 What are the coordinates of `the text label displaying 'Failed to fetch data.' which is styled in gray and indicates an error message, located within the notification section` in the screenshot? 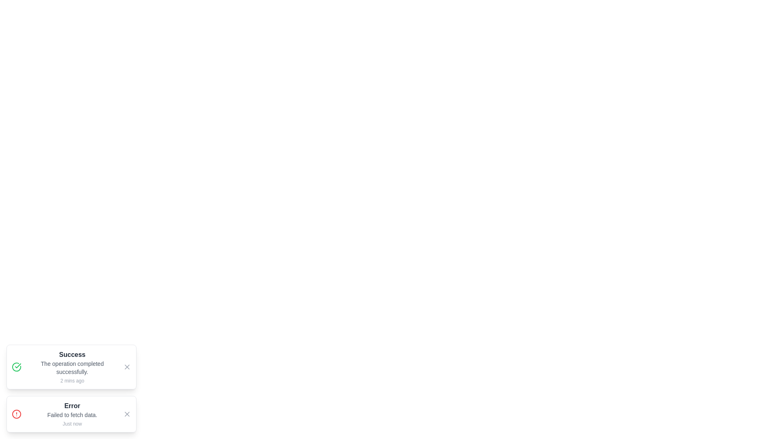 It's located at (72, 415).